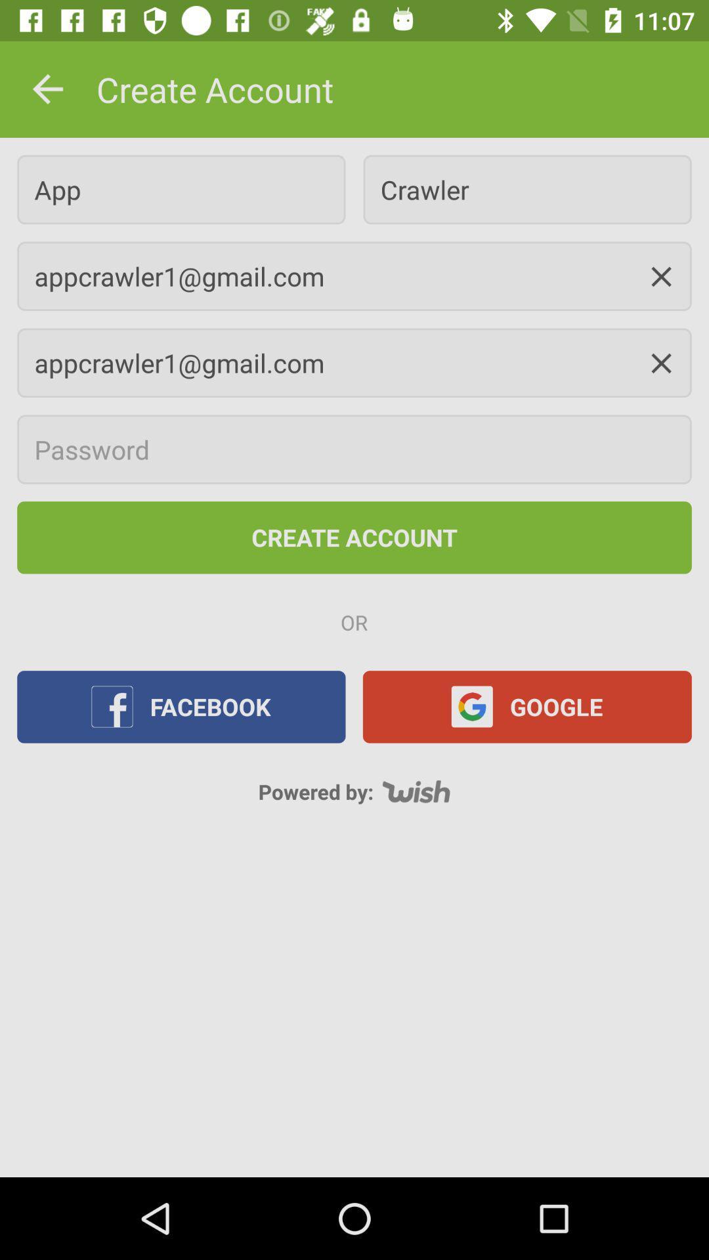 The width and height of the screenshot is (709, 1260). I want to click on first email text field, so click(354, 276).